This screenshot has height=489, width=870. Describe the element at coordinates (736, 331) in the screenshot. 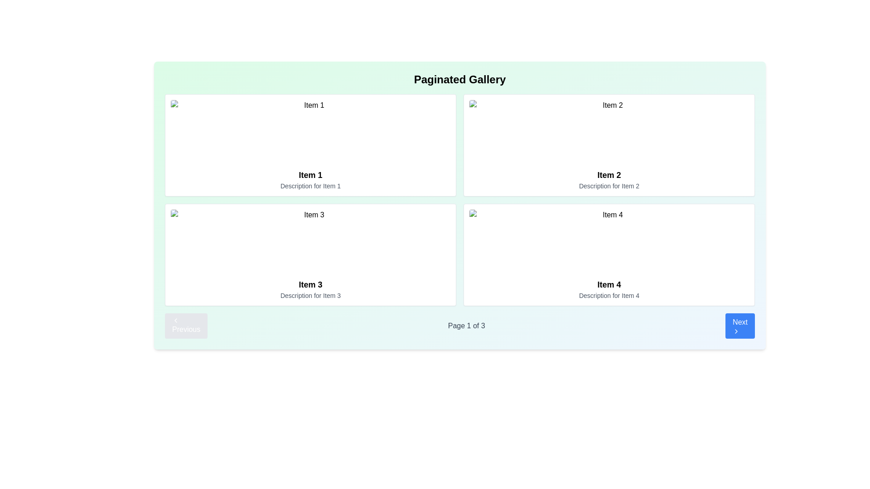

I see `the rightward-facing chevron icon with a blue background and white border, located within the 'Next' button at the bottom-right corner of the layout` at that location.